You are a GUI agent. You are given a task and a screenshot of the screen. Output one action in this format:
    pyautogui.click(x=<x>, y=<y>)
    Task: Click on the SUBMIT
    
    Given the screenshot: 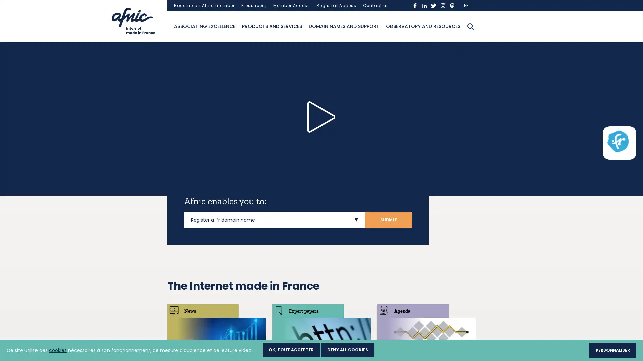 What is the action you would take?
    pyautogui.click(x=388, y=220)
    